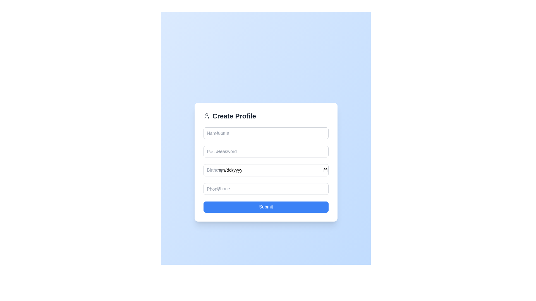 Image resolution: width=536 pixels, height=301 pixels. Describe the element at coordinates (216, 152) in the screenshot. I see `the 'Password' text label, which is styled with a gray font color and positioned within a form field area, located below the 'Name' input field and above the 'Birthday' field` at that location.